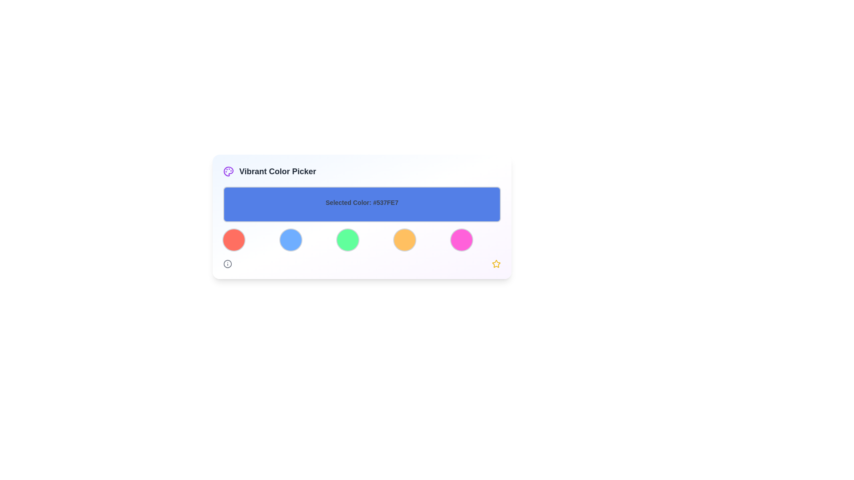 The image size is (854, 480). What do you see at coordinates (362, 202) in the screenshot?
I see `the text display element that shows 'Selected Color: #537FE7', which is centered in a blue rectangular banner at the top of the color picker interface` at bounding box center [362, 202].